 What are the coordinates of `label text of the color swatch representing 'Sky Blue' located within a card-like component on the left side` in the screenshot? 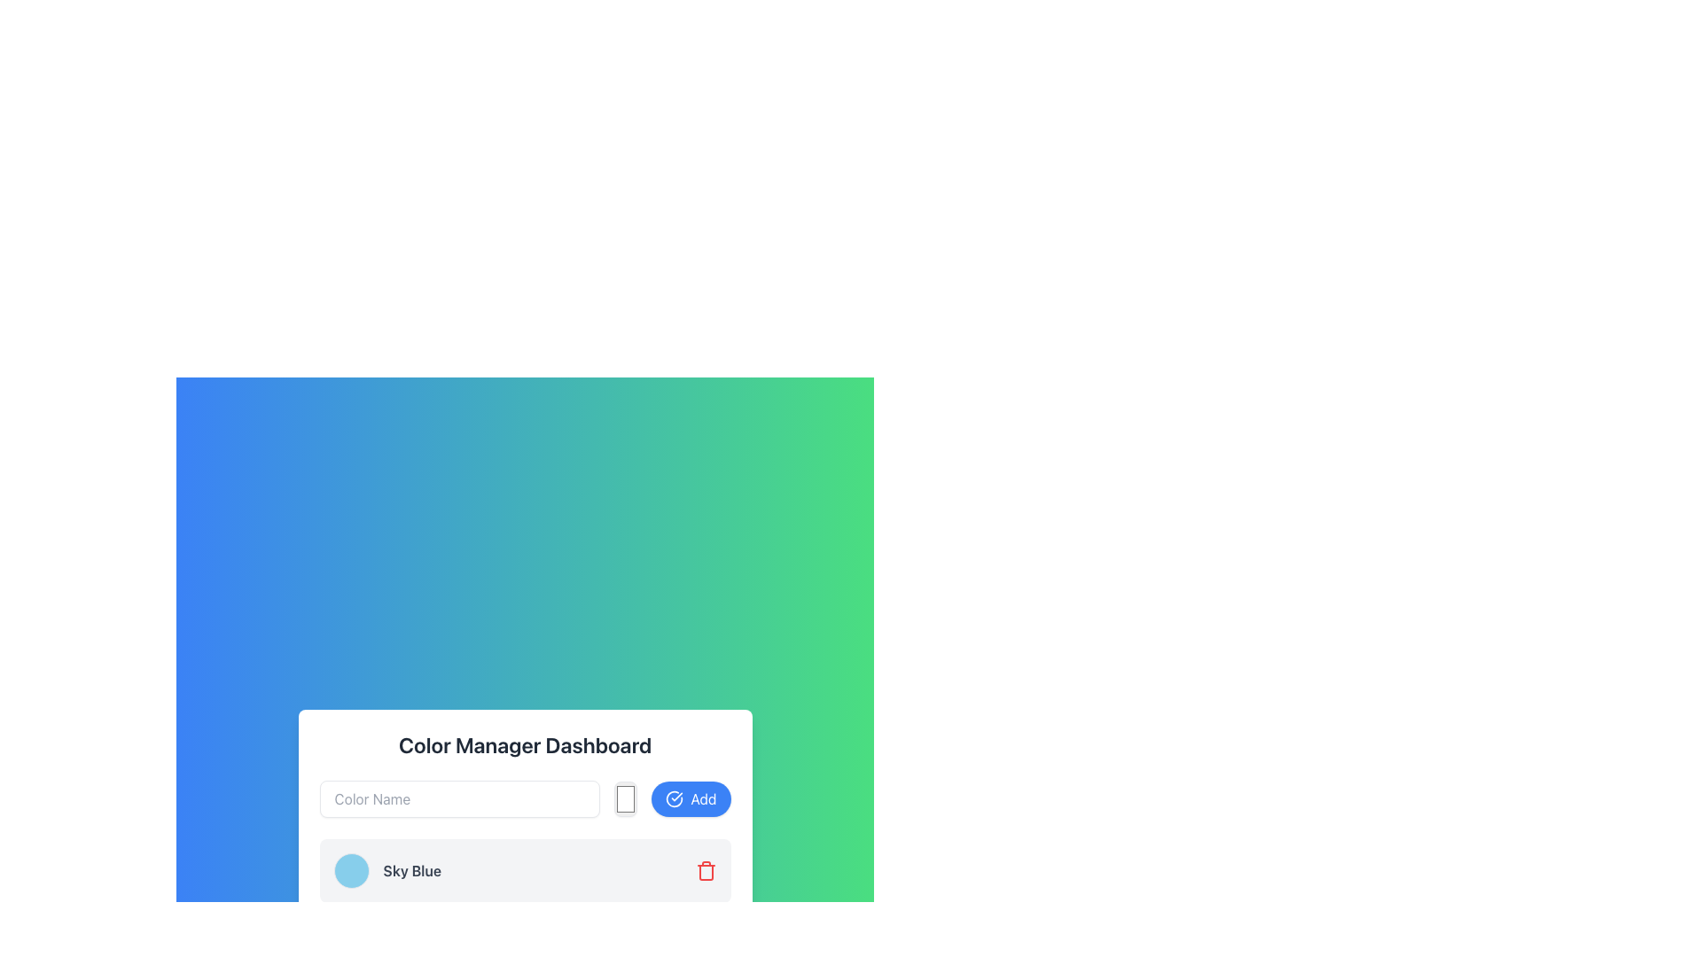 It's located at (386, 870).